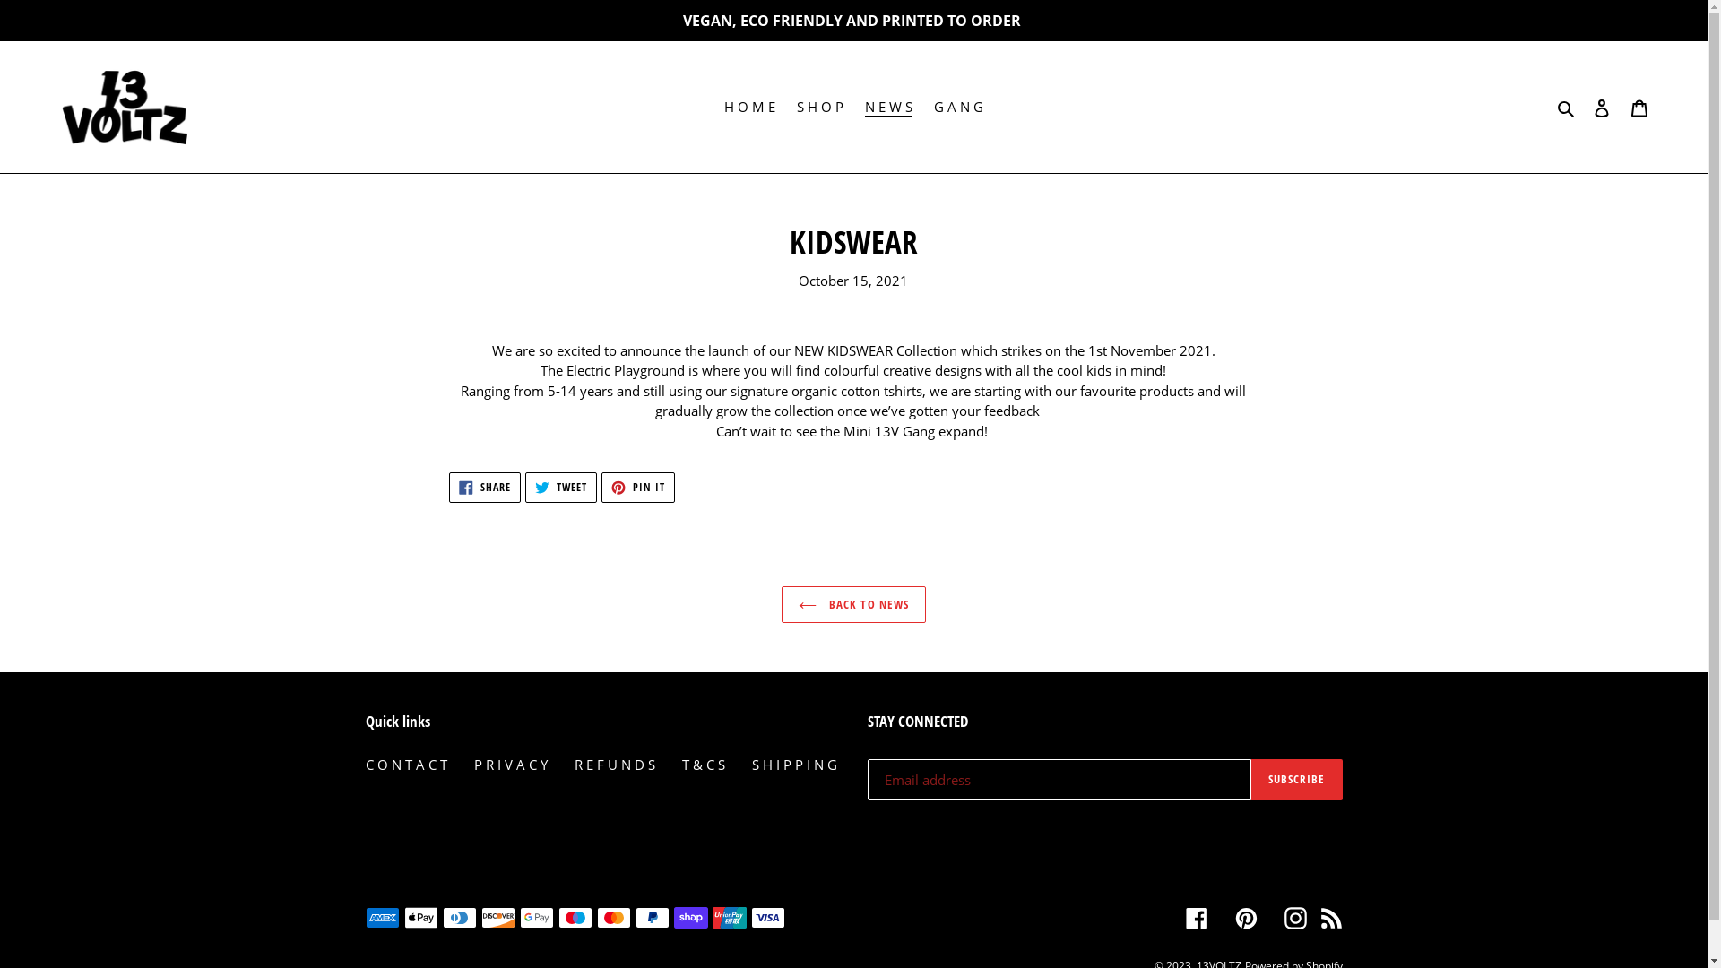 The image size is (1721, 968). What do you see at coordinates (888, 107) in the screenshot?
I see `'N E W S'` at bounding box center [888, 107].